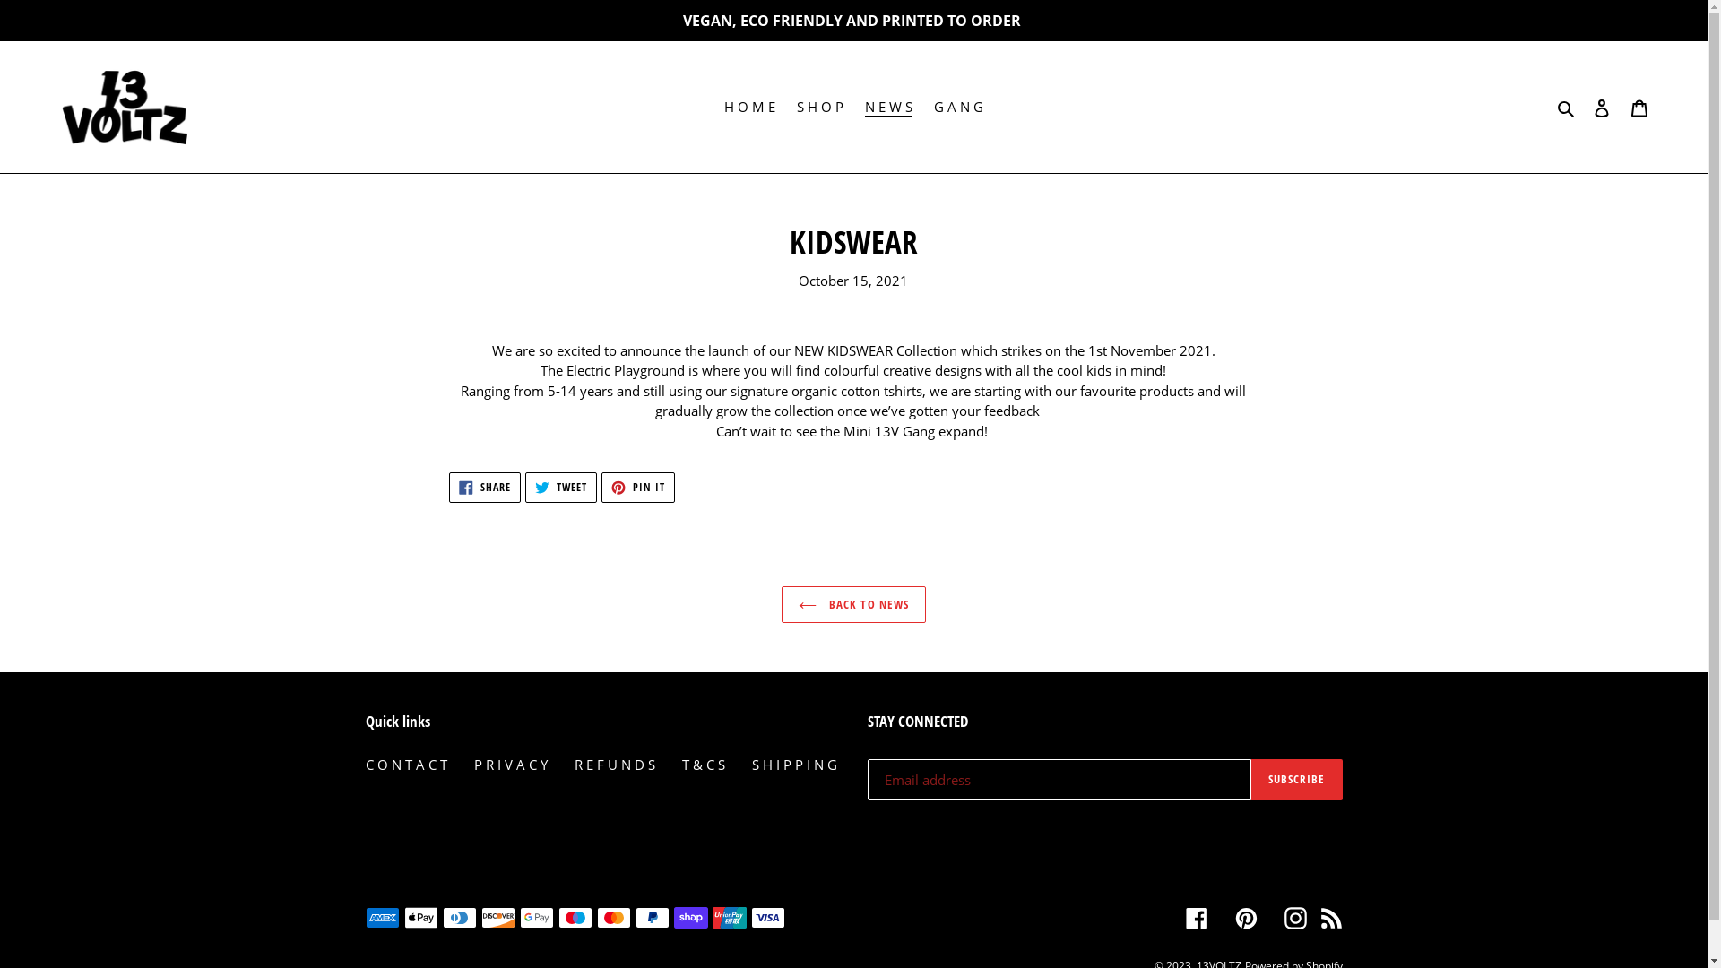 The image size is (1721, 968). What do you see at coordinates (888, 107) in the screenshot?
I see `'N E W S'` at bounding box center [888, 107].